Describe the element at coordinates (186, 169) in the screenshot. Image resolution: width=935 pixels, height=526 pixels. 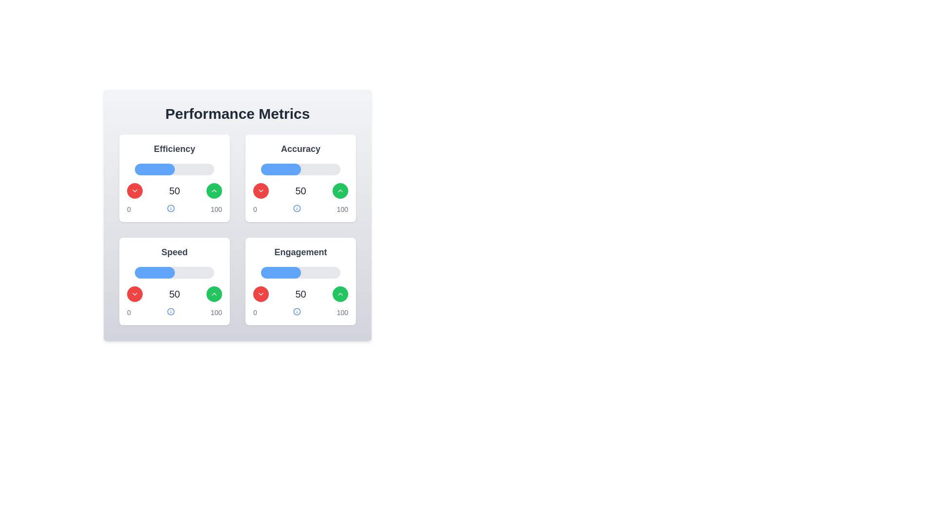
I see `the efficiency value` at that location.